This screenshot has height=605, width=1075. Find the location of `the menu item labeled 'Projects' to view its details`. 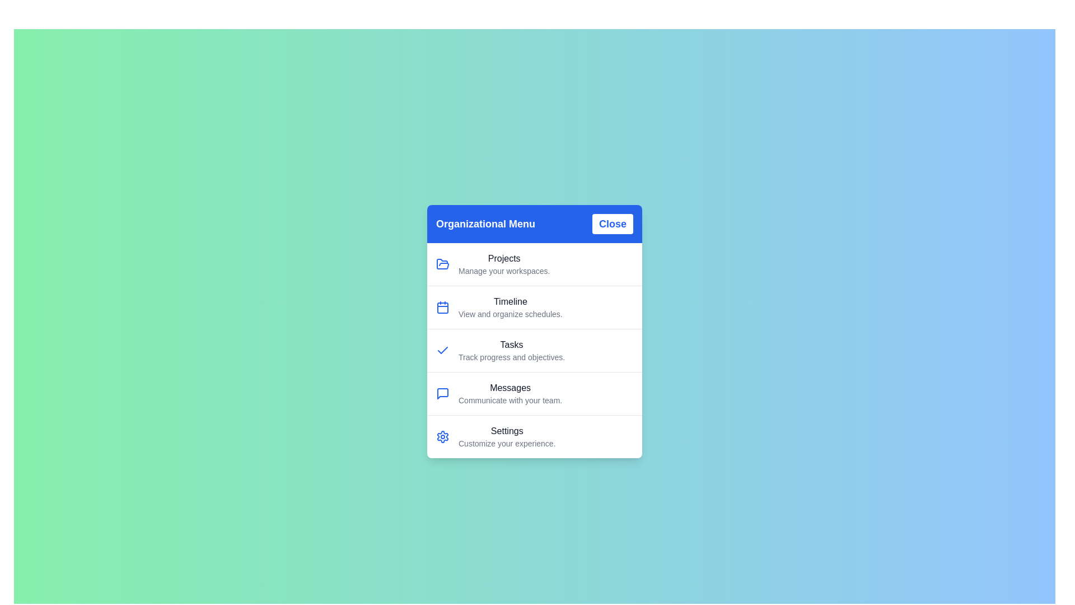

the menu item labeled 'Projects' to view its details is located at coordinates (503, 264).